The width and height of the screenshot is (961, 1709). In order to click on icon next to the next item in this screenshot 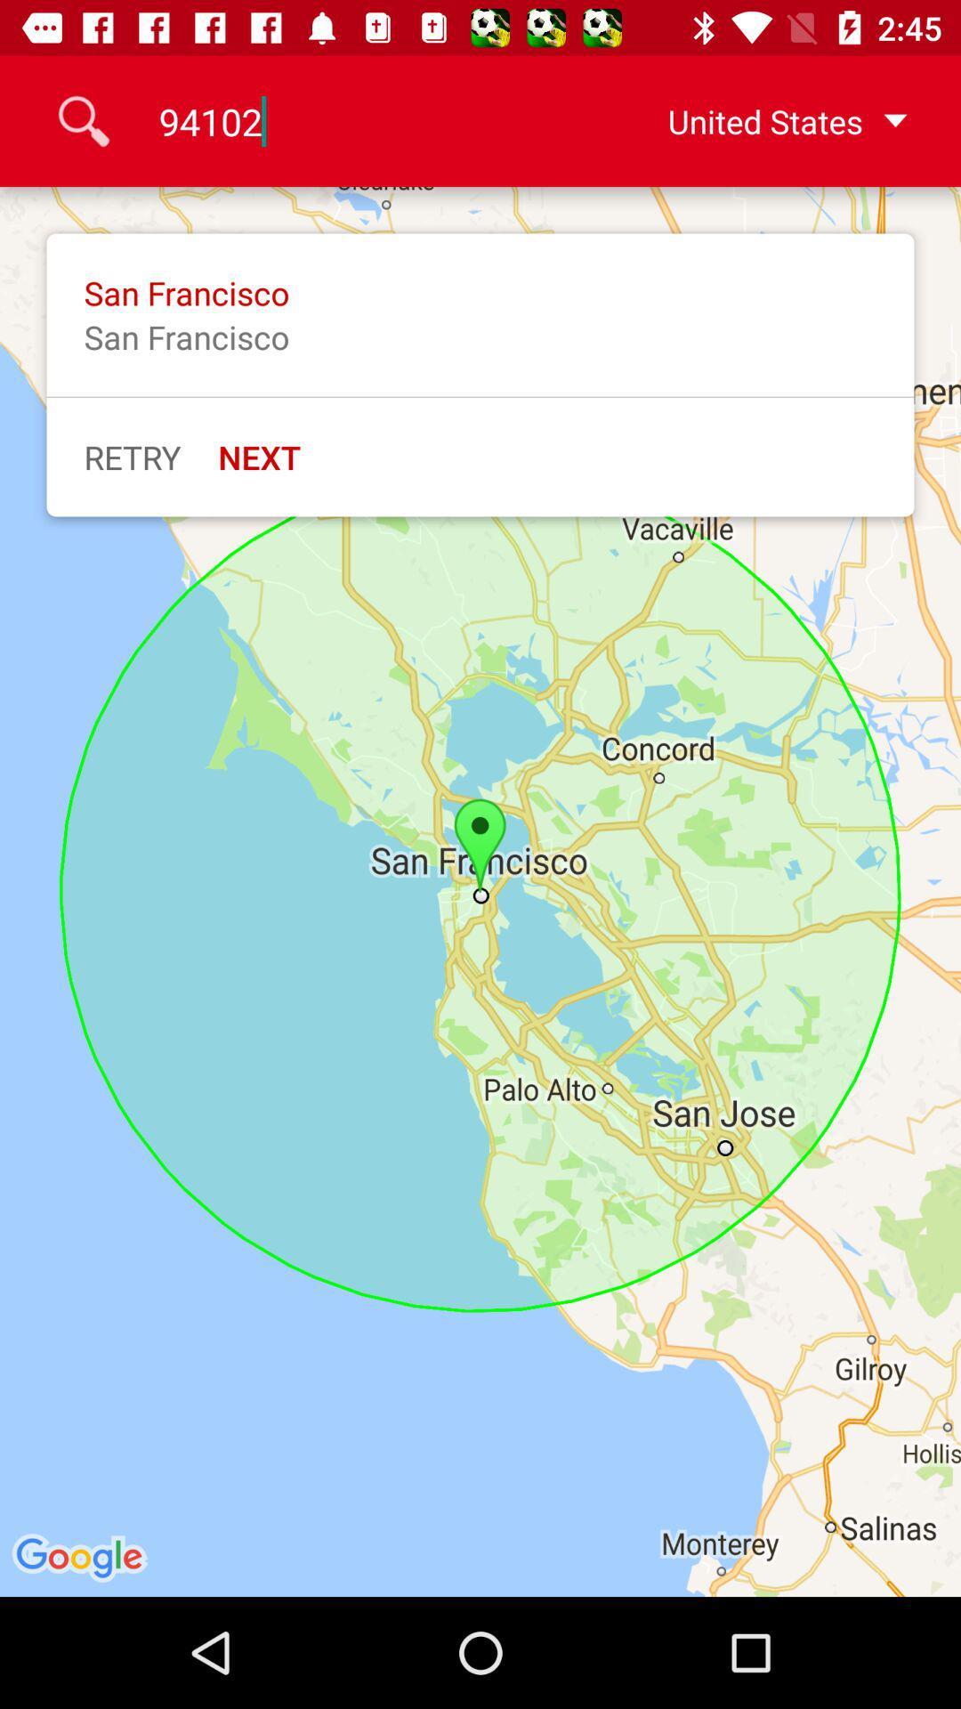, I will do `click(131, 457)`.